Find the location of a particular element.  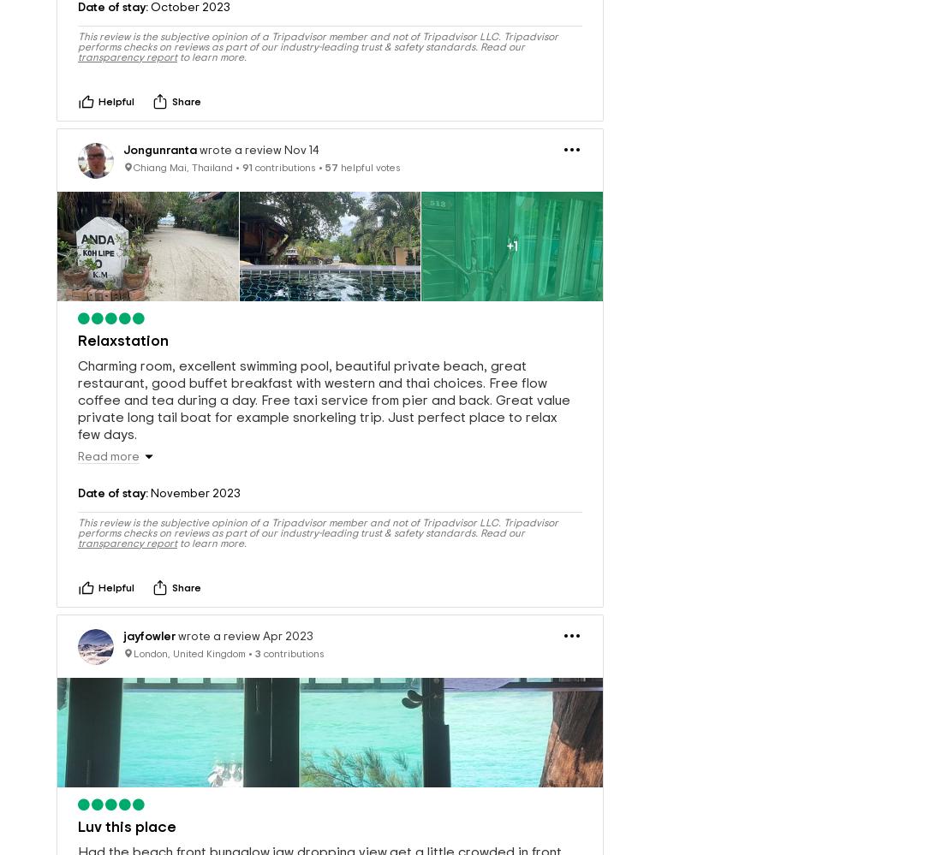

'Charming room, excellent swimming pool, beautiful private beach, great restaurant, good buffet breakfast with western and thai choices.  Free flow coffee and tea during a day.  Free taxi service from pier and back.  Great value private long tail boat for example snorkeling trip.  Just perfect place to relax few days.' is located at coordinates (324, 371).